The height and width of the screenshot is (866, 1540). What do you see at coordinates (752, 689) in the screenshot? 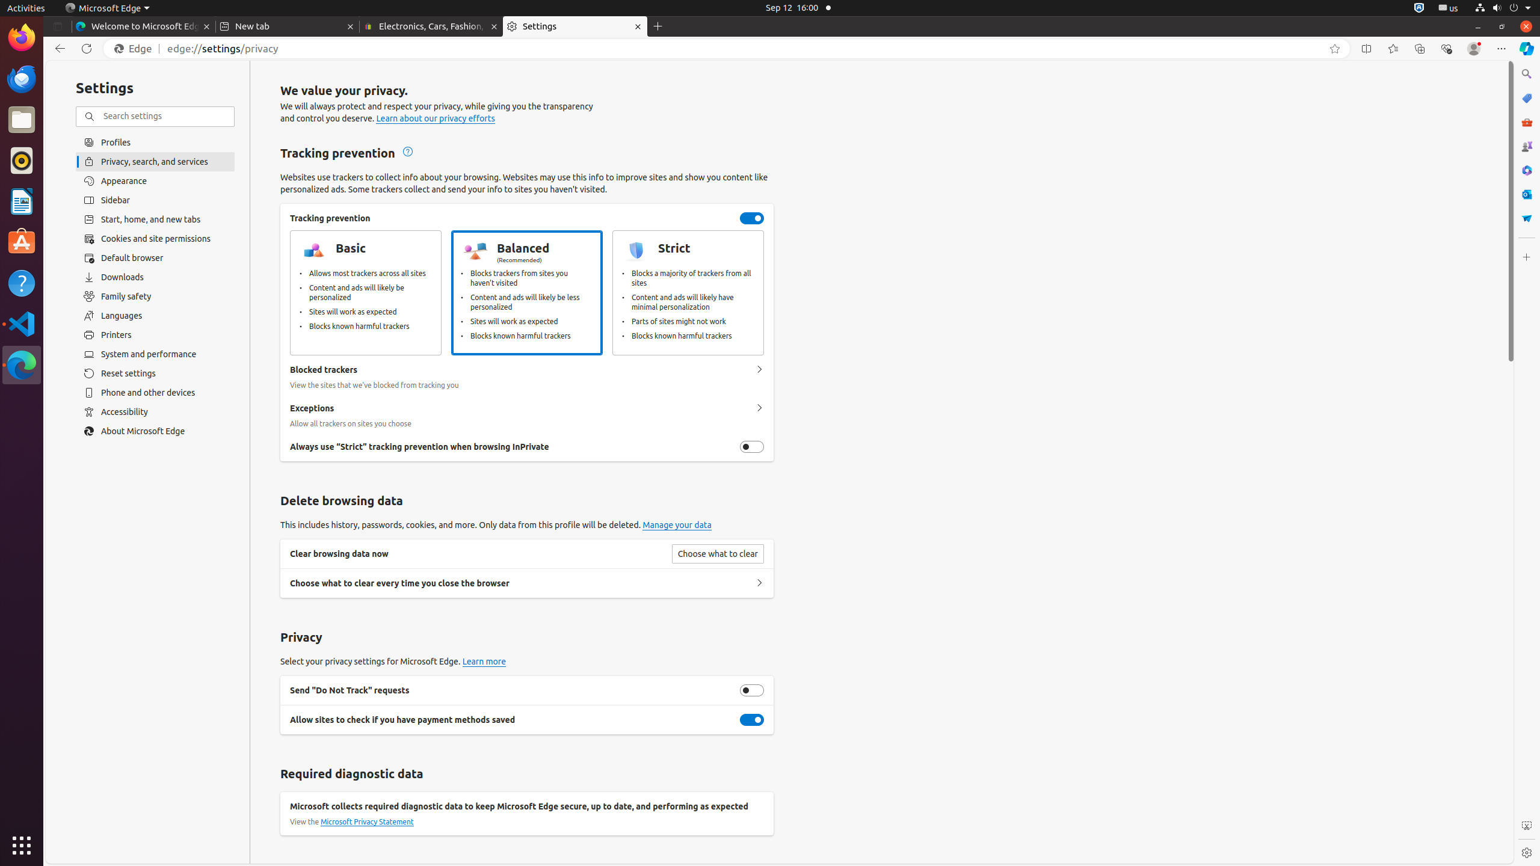
I see `'Send "Do Not Track" requests'` at bounding box center [752, 689].